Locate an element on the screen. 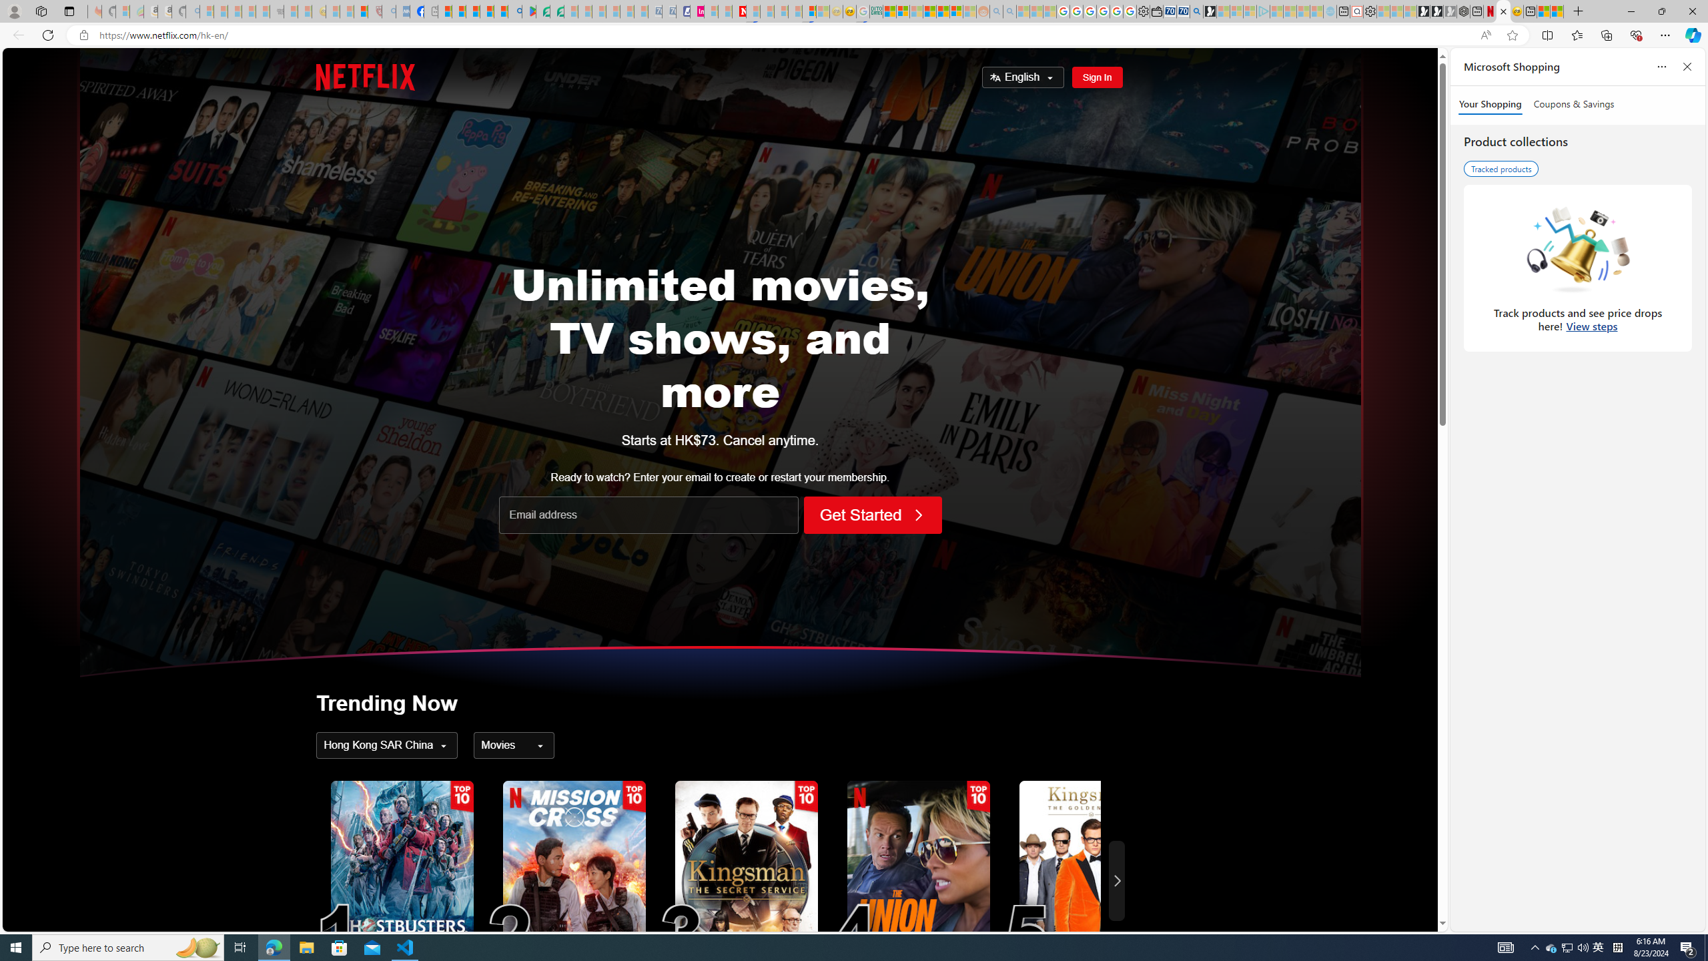 This screenshot has height=961, width=1708. 'Get Started' is located at coordinates (873, 514).